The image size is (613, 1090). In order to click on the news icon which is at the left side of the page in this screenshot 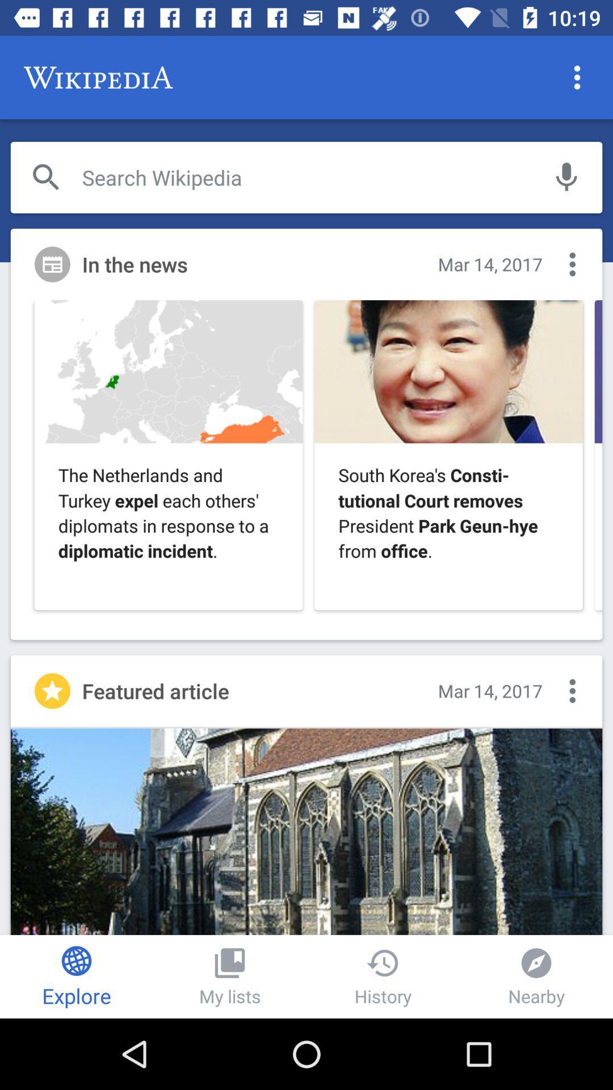, I will do `click(52, 263)`.